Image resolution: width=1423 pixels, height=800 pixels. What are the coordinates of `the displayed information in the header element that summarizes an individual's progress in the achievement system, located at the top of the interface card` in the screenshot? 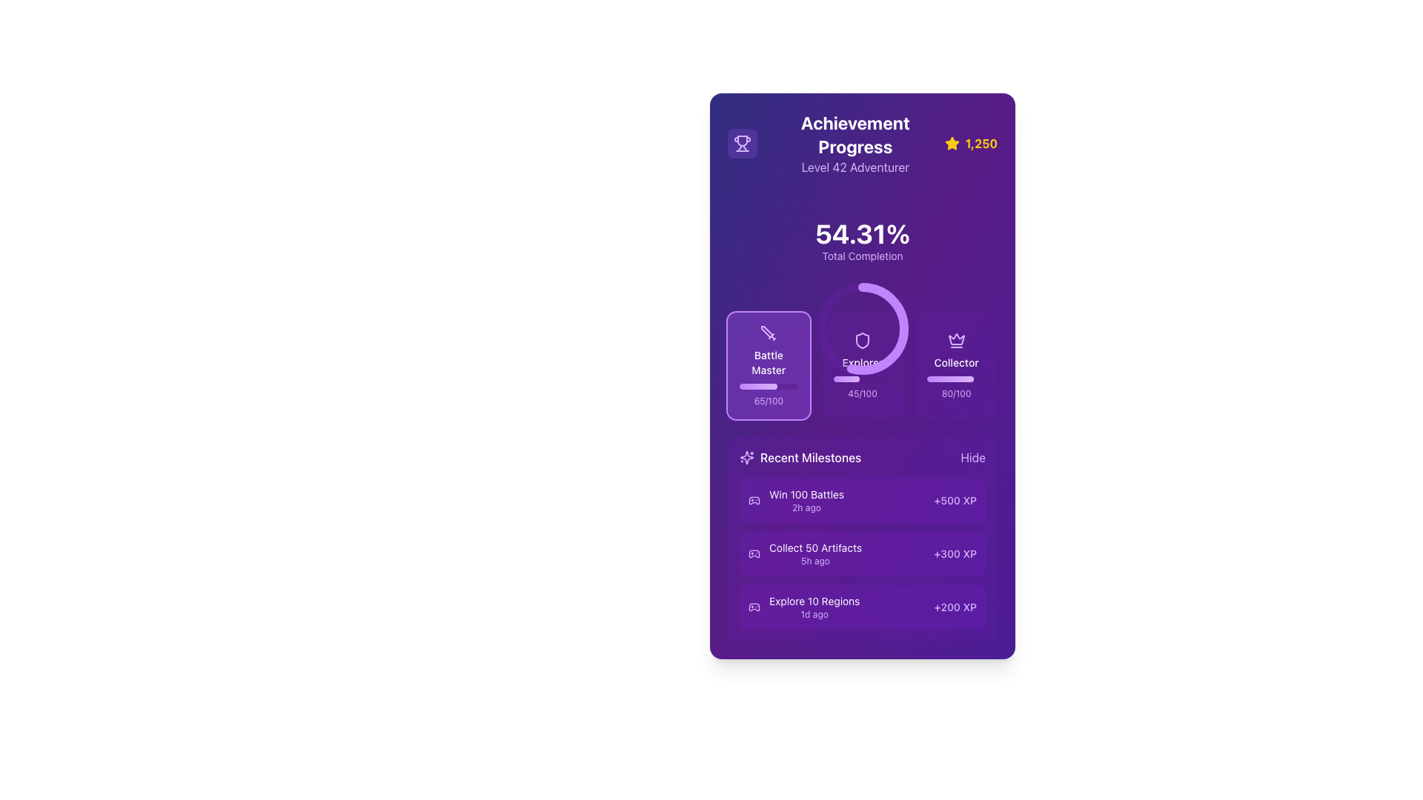 It's located at (862, 143).